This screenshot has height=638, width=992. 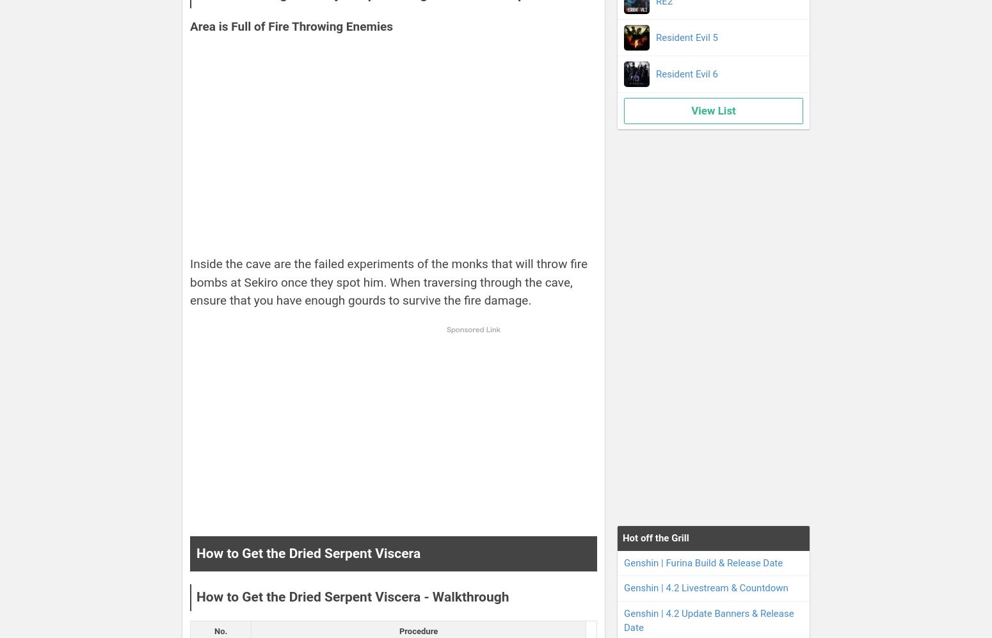 I want to click on 'Resident Evil 5', so click(x=687, y=36).